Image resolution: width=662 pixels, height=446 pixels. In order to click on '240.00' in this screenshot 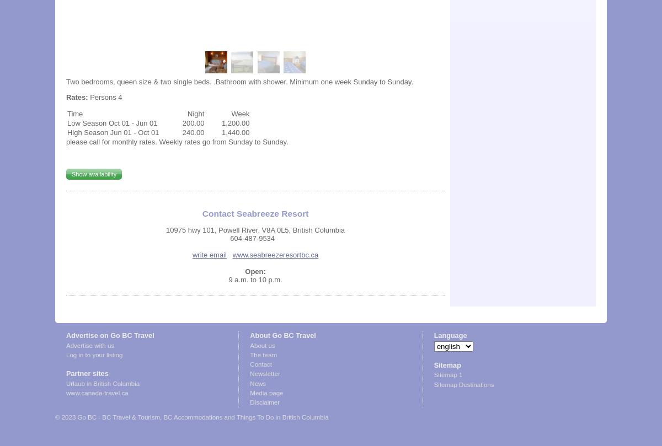, I will do `click(193, 131)`.